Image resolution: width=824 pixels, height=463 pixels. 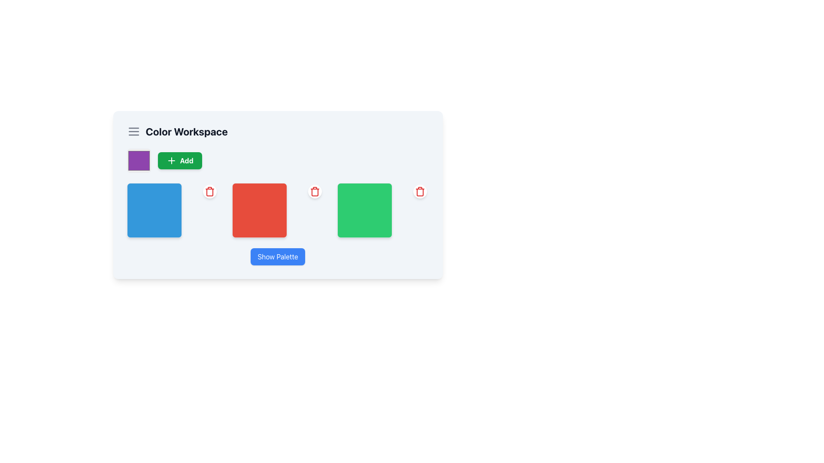 I want to click on the Icon button located at the top-left corner of the interface, to the left of the 'Color Workspace' text, so click(x=133, y=132).